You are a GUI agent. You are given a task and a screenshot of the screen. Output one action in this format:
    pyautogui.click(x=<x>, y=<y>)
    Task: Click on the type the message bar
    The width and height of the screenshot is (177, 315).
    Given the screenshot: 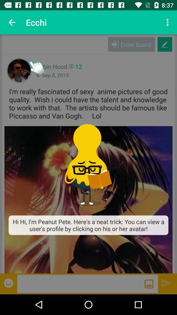 What is the action you would take?
    pyautogui.click(x=81, y=283)
    